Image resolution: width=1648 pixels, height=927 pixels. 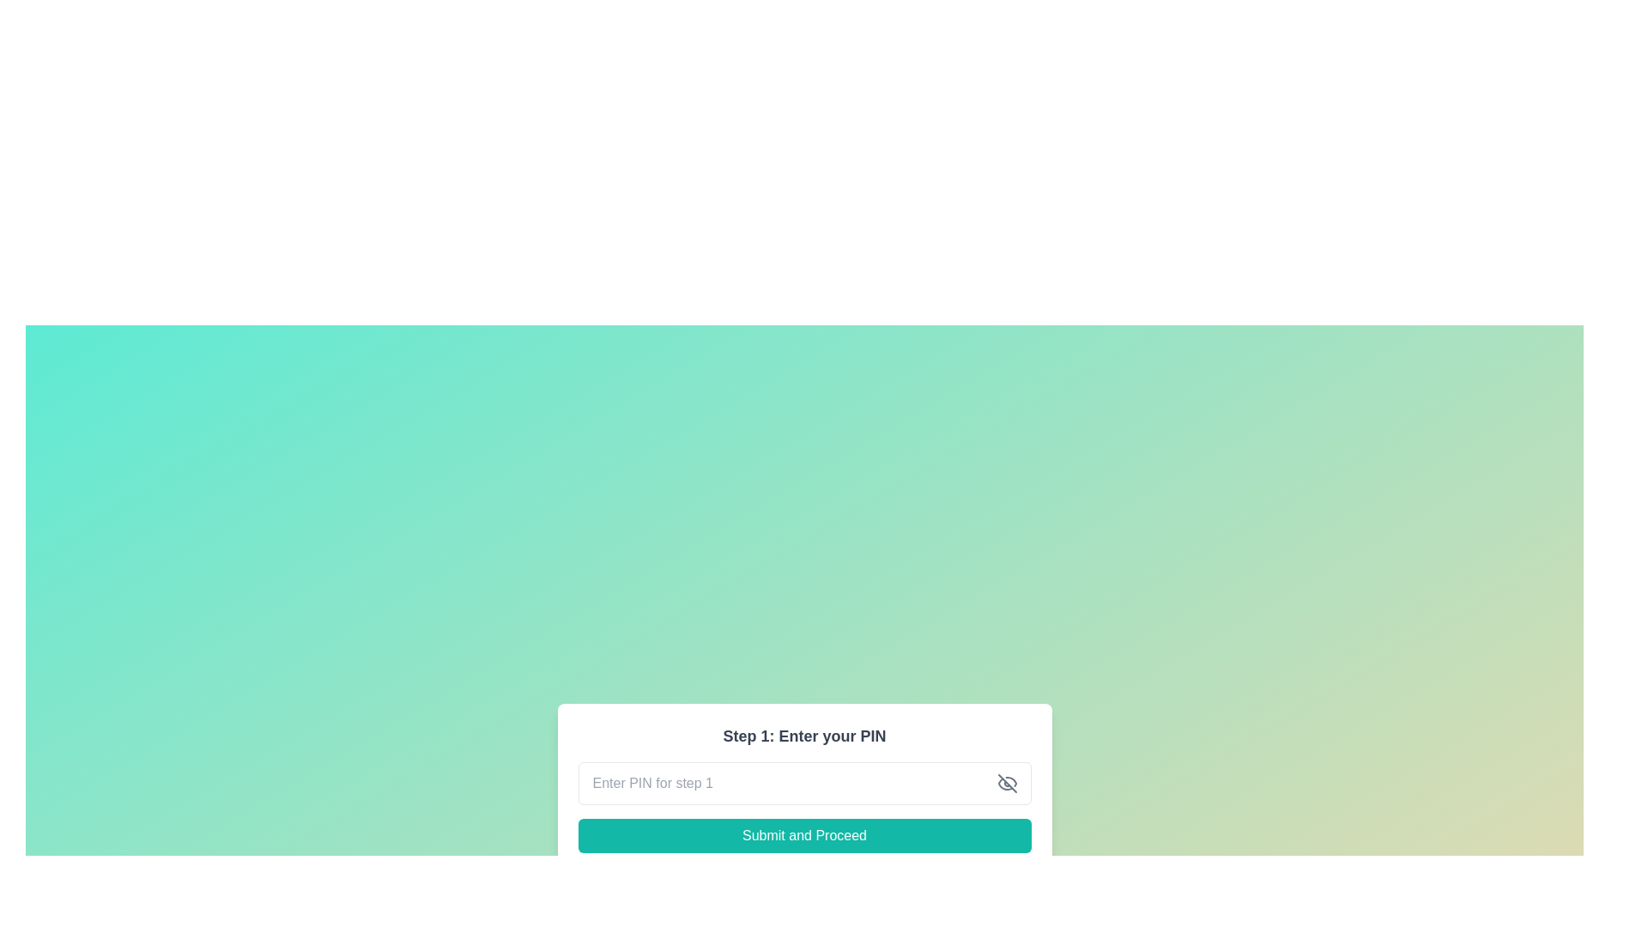 I want to click on the 'Submit and Proceed' button located at the bottom of the white card-like structure to proceed, so click(x=803, y=835).